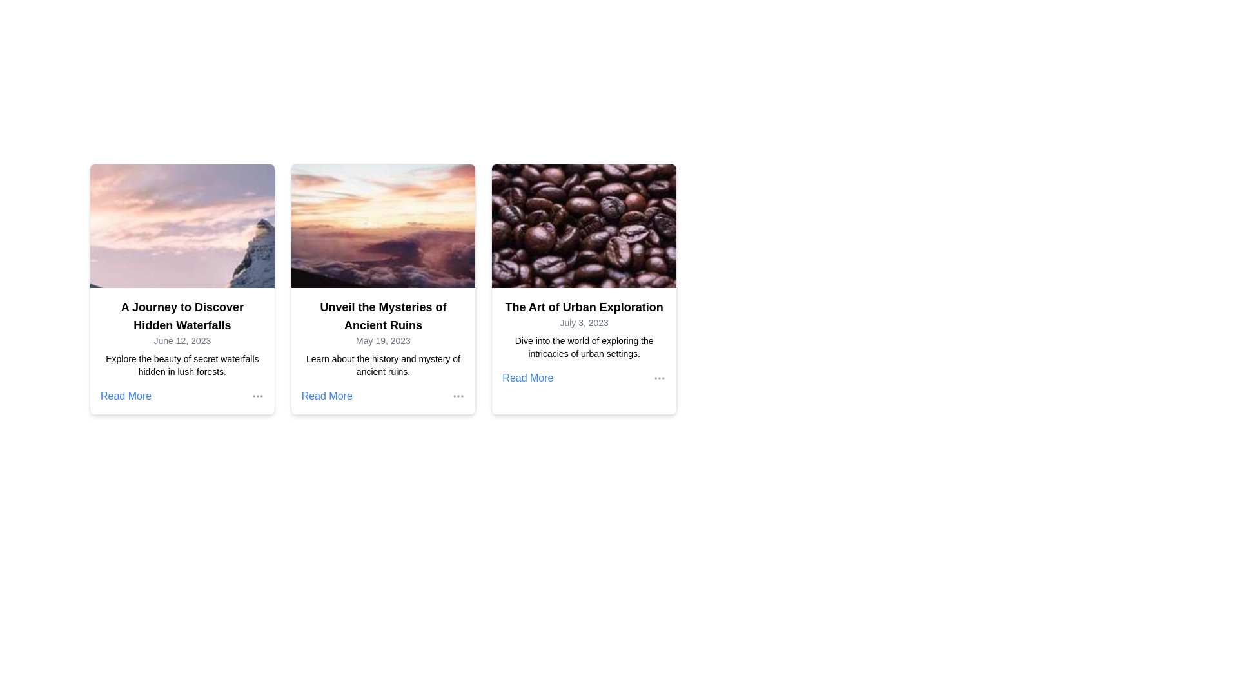 The height and width of the screenshot is (696, 1238). I want to click on the 'Read More' hyperlink, which is styled in blue with underline effects on hover, located in the bottom-left corner of the first card, so click(126, 395).